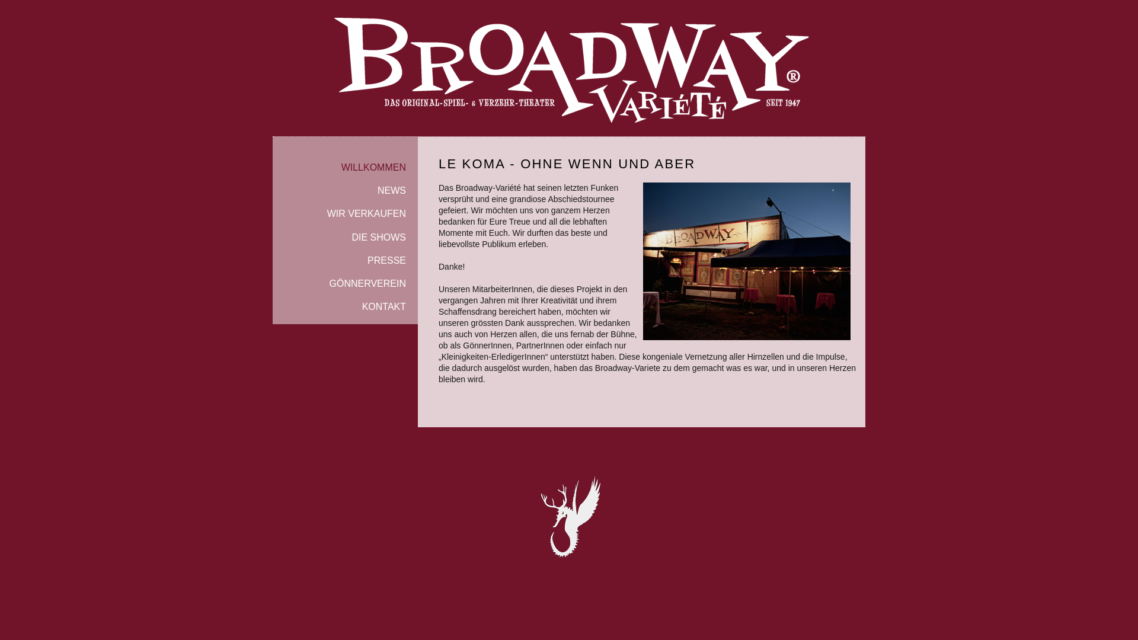  What do you see at coordinates (338, 164) in the screenshot?
I see `'WILLKOMMEN'` at bounding box center [338, 164].